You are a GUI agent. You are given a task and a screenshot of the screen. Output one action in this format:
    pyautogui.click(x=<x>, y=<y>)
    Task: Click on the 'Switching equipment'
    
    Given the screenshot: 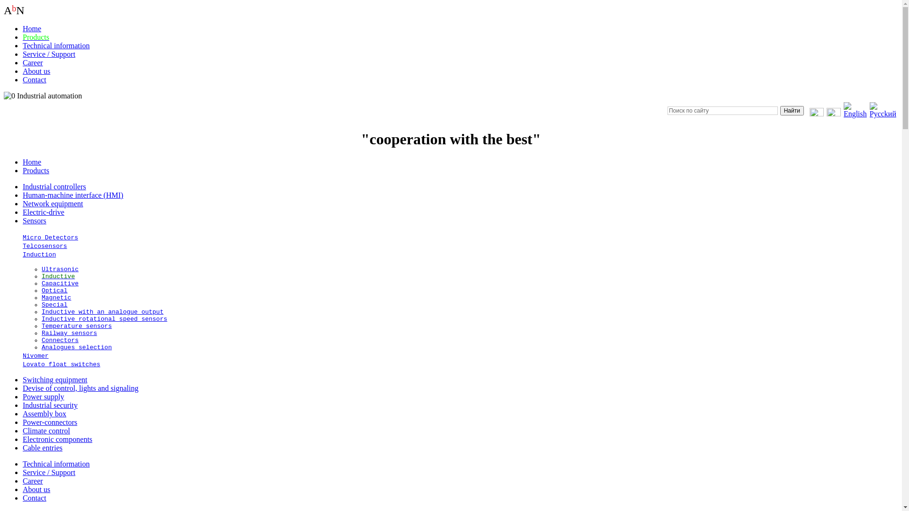 What is the action you would take?
    pyautogui.click(x=54, y=379)
    